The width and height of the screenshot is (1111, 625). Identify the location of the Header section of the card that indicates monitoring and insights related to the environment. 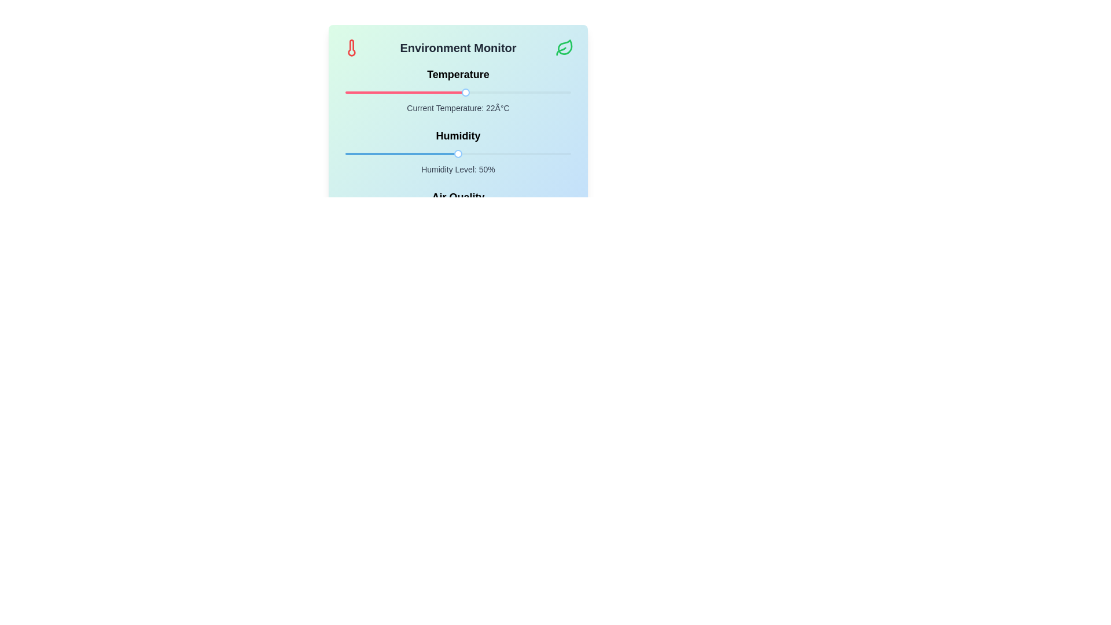
(458, 47).